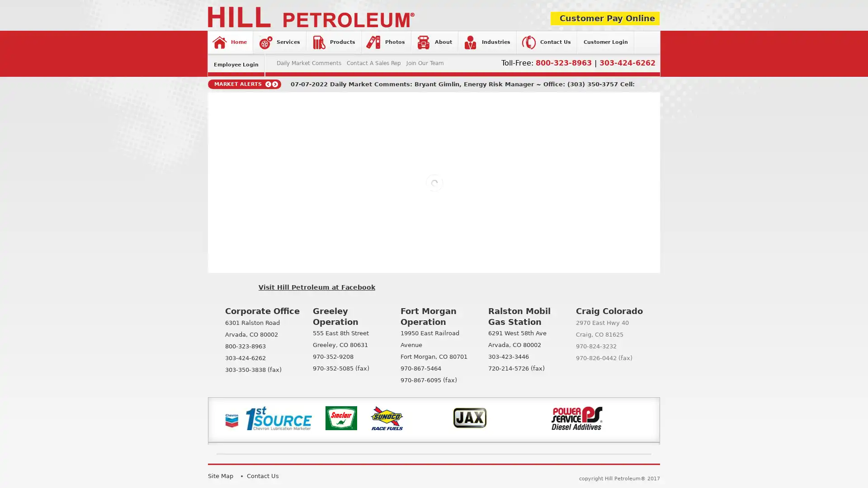 The image size is (868, 488). Describe the element at coordinates (374, 164) in the screenshot. I see `Login` at that location.